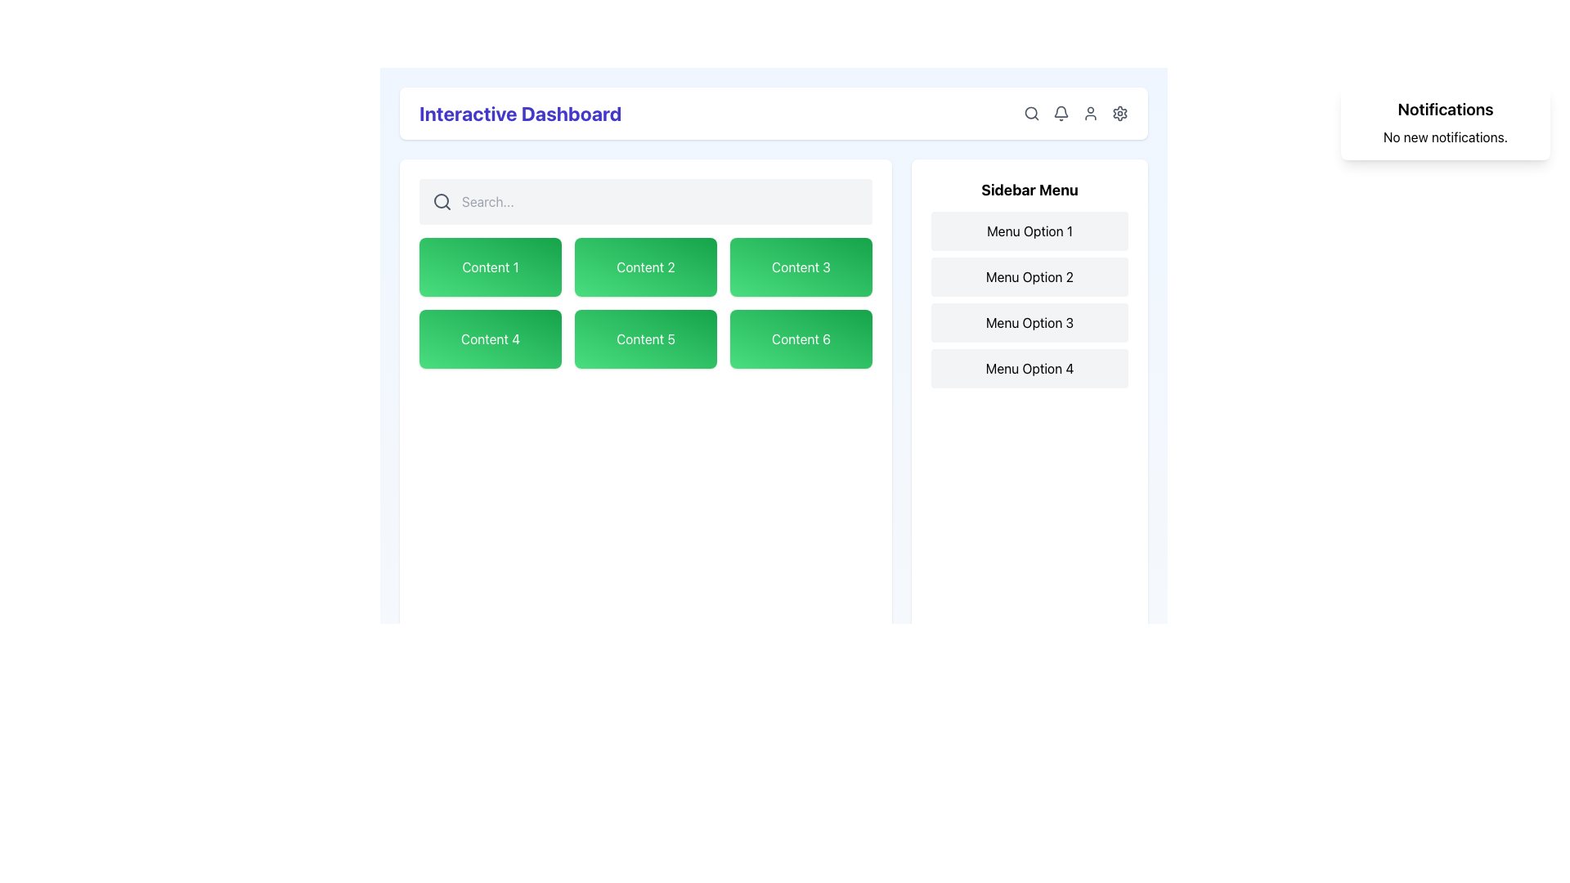 The height and width of the screenshot is (883, 1570). I want to click on the button in the grid that is located in the first row, middle column, intended for 'Content 2', which is situated to the right of 'Content 1' and to the left of 'Content 3', so click(645, 267).